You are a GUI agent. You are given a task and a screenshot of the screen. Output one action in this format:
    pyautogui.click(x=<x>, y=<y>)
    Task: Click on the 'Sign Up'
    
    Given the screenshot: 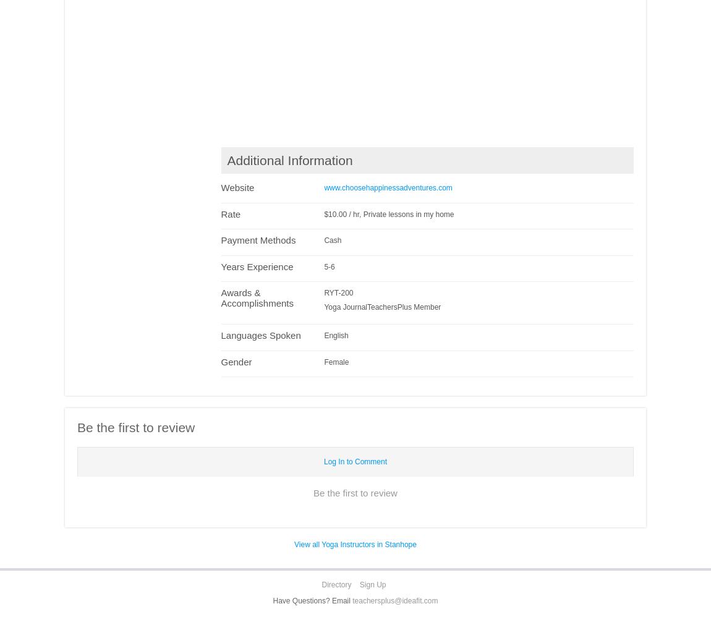 What is the action you would take?
    pyautogui.click(x=358, y=584)
    